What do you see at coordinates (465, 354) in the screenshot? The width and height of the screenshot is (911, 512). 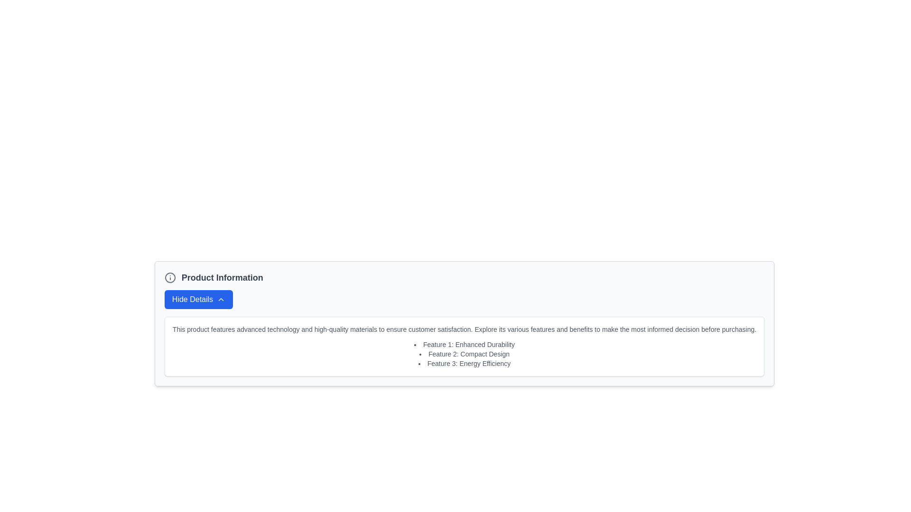 I see `text of the second item in the bulleted list, which states 'Feature 2: Compact Design', located in the 'Product Information' section` at bounding box center [465, 354].